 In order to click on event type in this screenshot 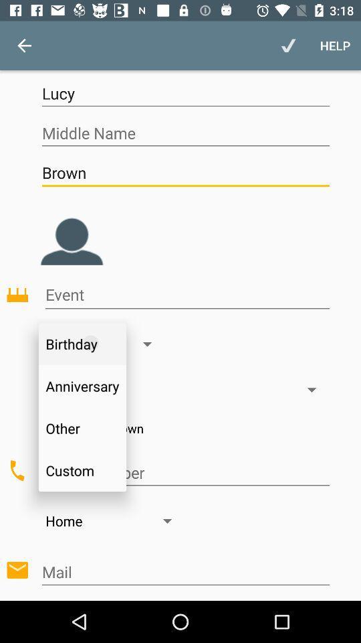, I will do `click(187, 295)`.